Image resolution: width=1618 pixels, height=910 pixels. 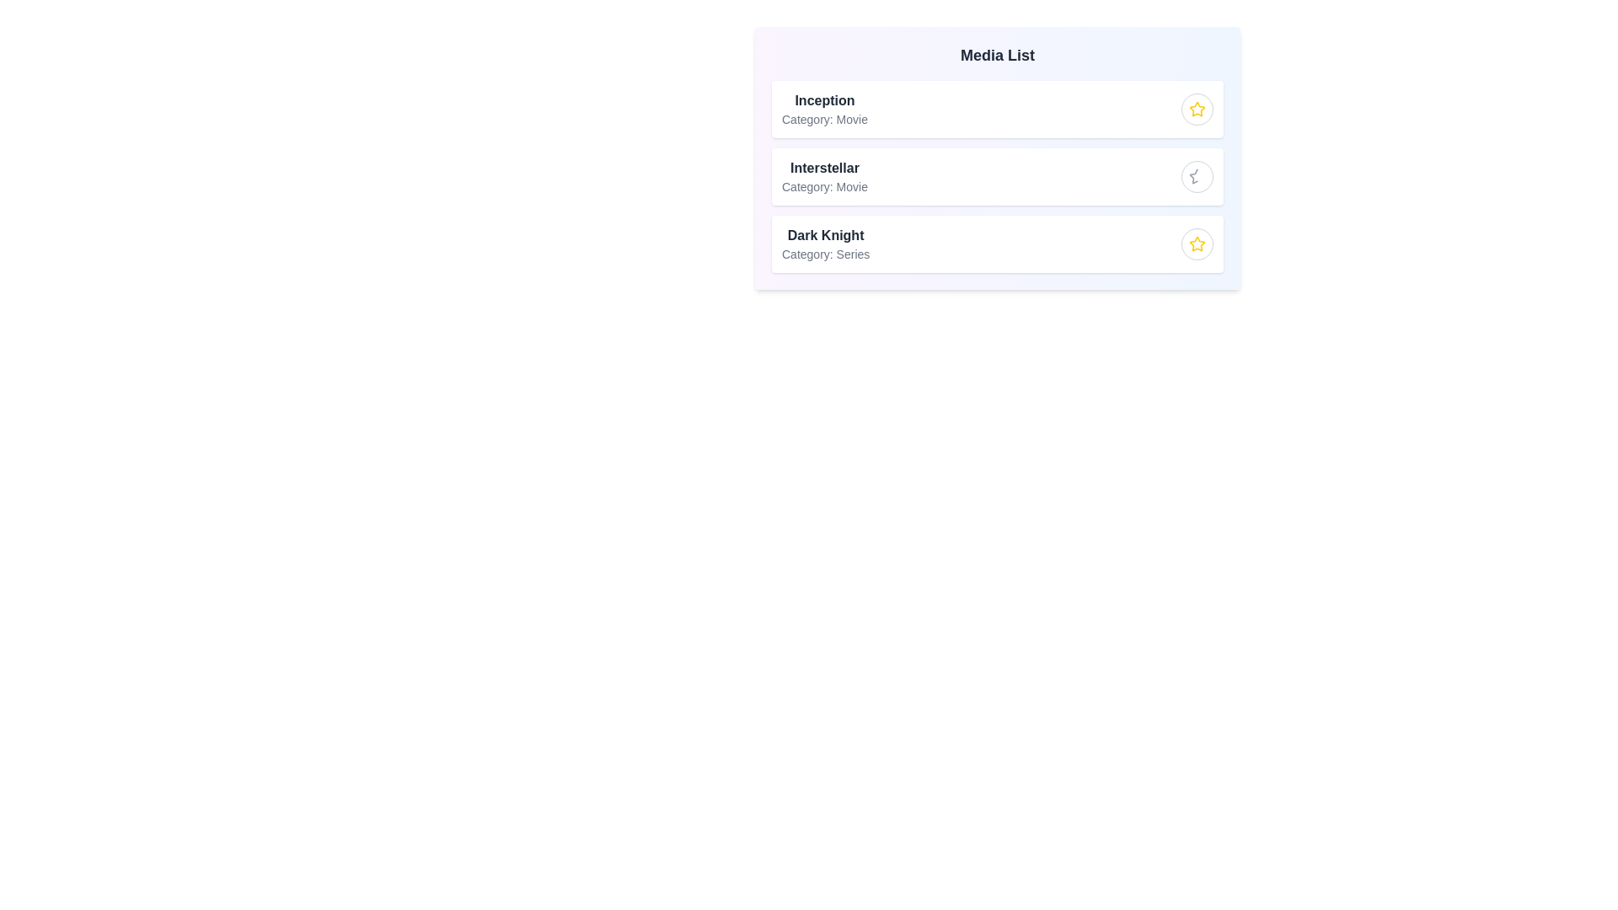 I want to click on star icon of the media item titled 'Interstellar' to toggle its 'starred' status, so click(x=1196, y=176).